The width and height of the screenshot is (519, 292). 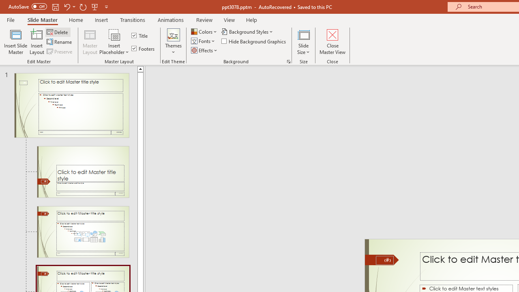 What do you see at coordinates (204, 41) in the screenshot?
I see `'Fonts'` at bounding box center [204, 41].